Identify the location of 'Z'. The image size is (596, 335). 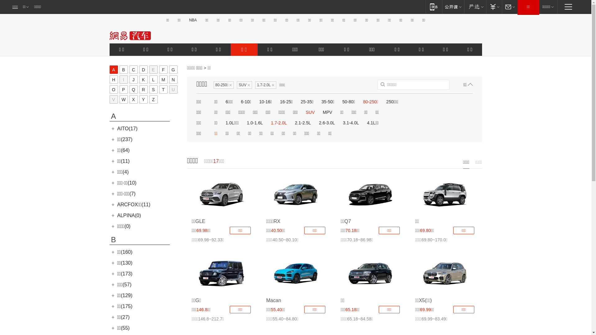
(153, 99).